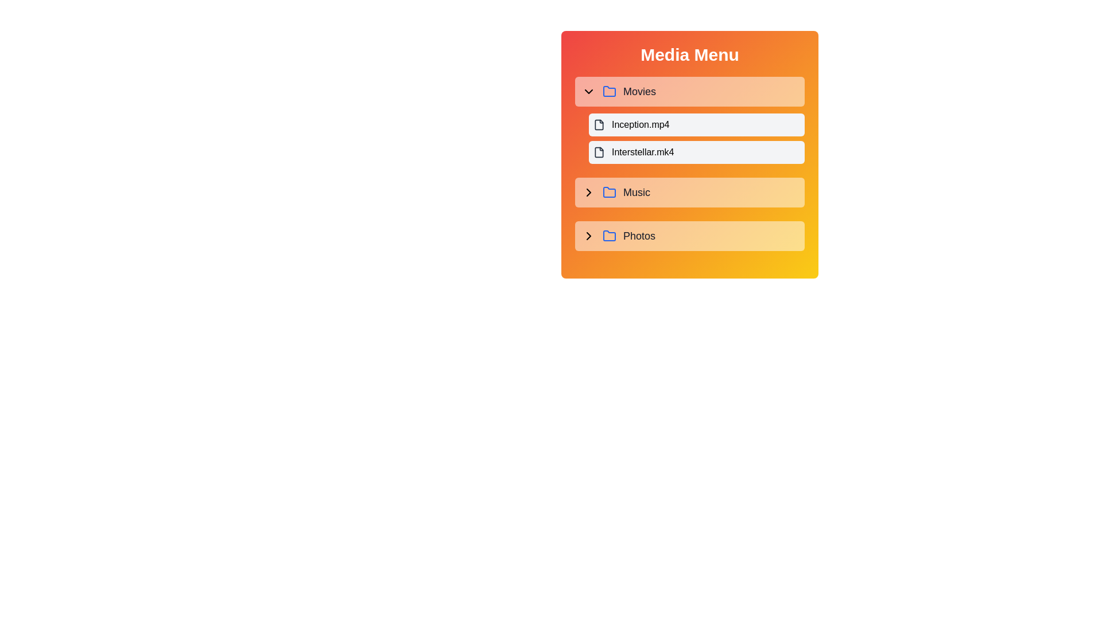  What do you see at coordinates (638, 236) in the screenshot?
I see `the 'Photos' text label that describes the associated folder icon located at the bottommost row of the menu, beneath the 'Music' folder entry` at bounding box center [638, 236].